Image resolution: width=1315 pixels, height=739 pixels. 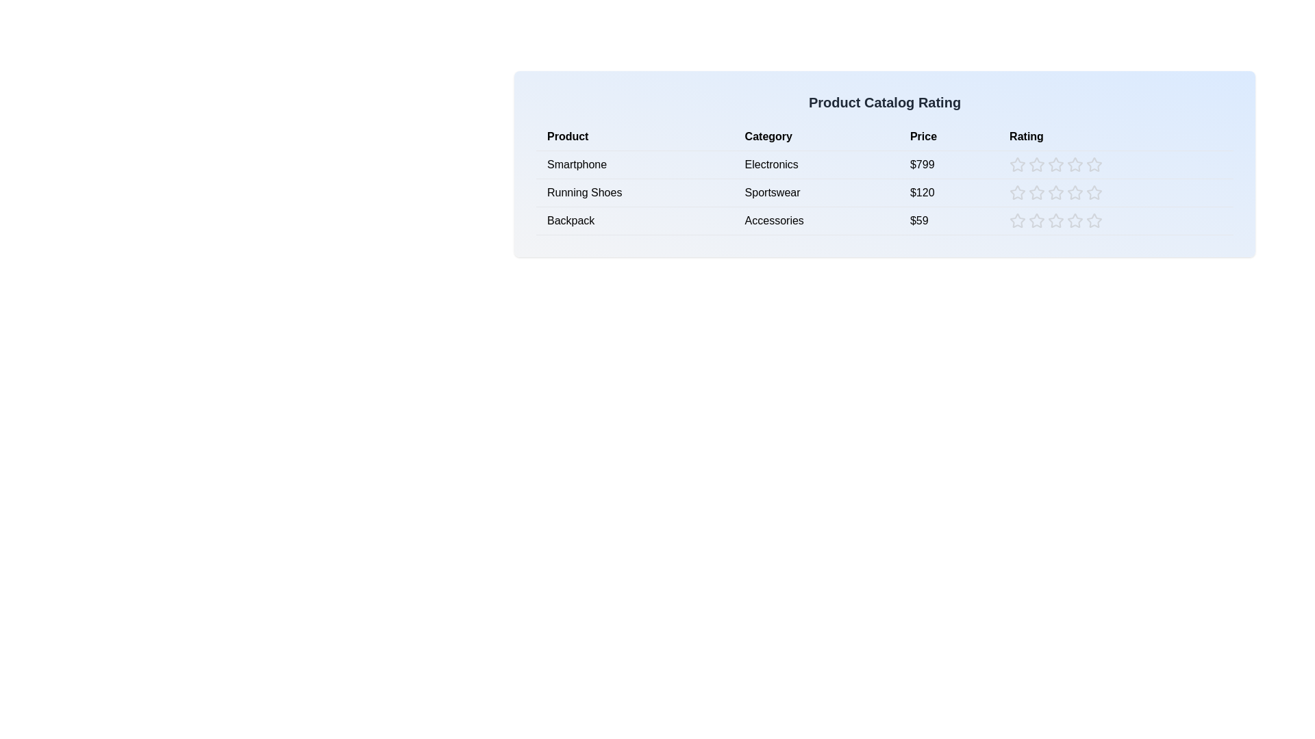 What do you see at coordinates (1018, 164) in the screenshot?
I see `the rating for a product to 1 stars` at bounding box center [1018, 164].